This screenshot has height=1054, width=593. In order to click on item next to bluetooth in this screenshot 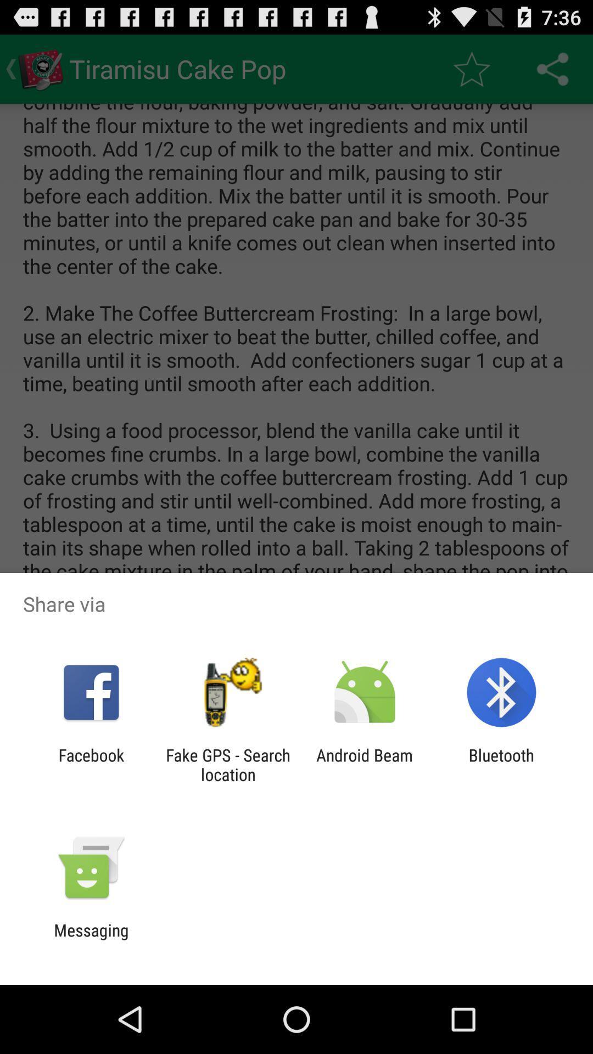, I will do `click(365, 764)`.